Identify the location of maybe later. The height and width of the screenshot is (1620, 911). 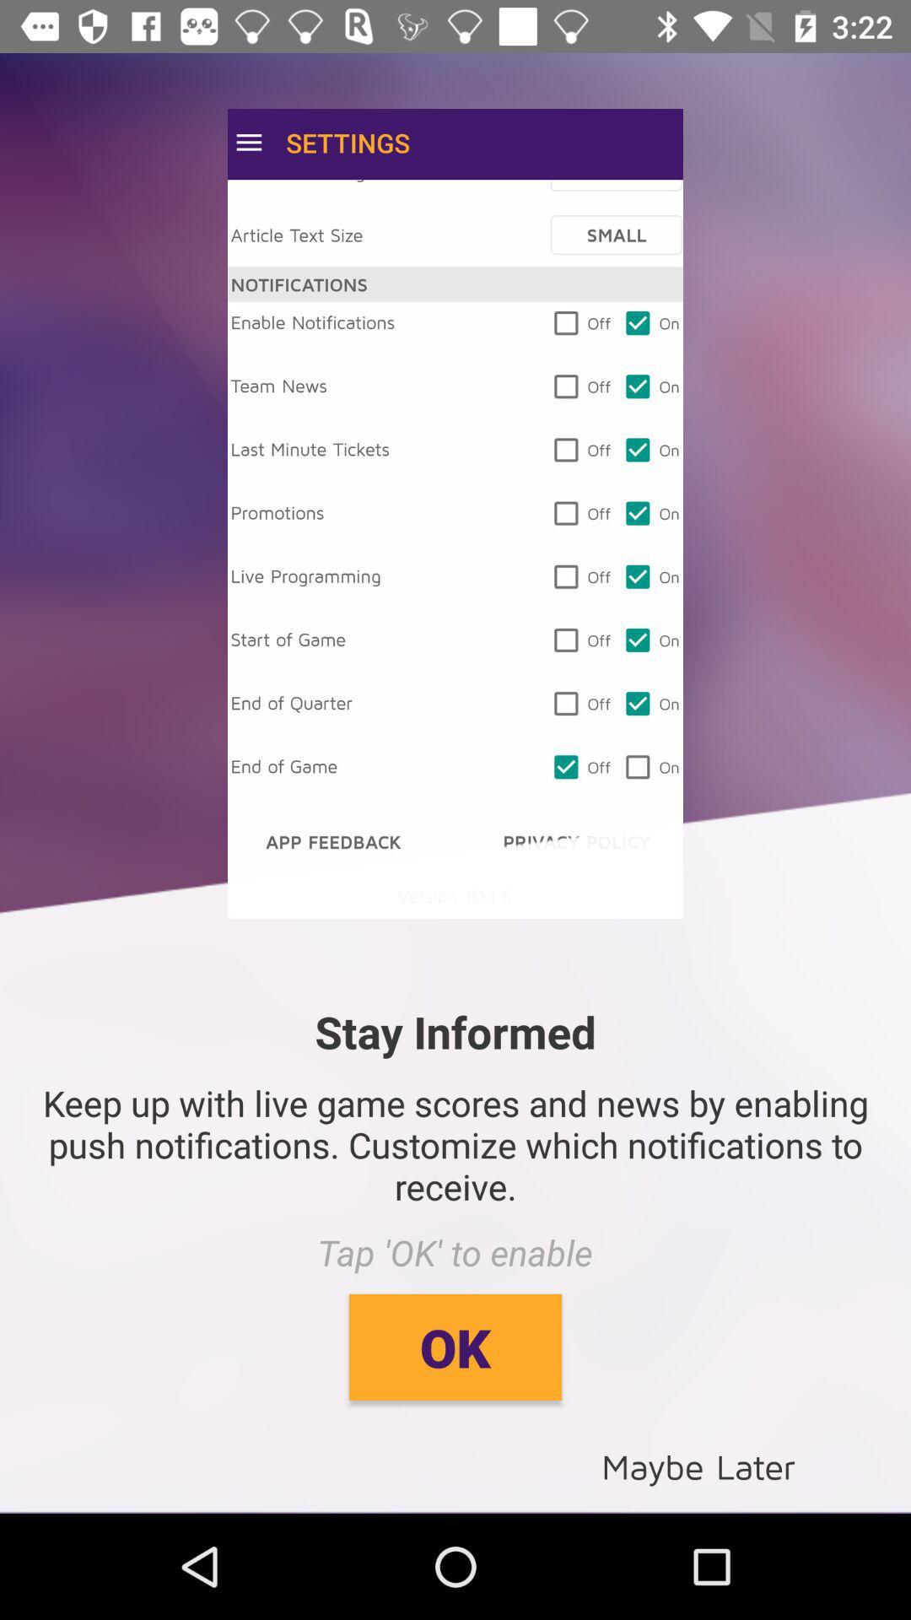
(698, 1465).